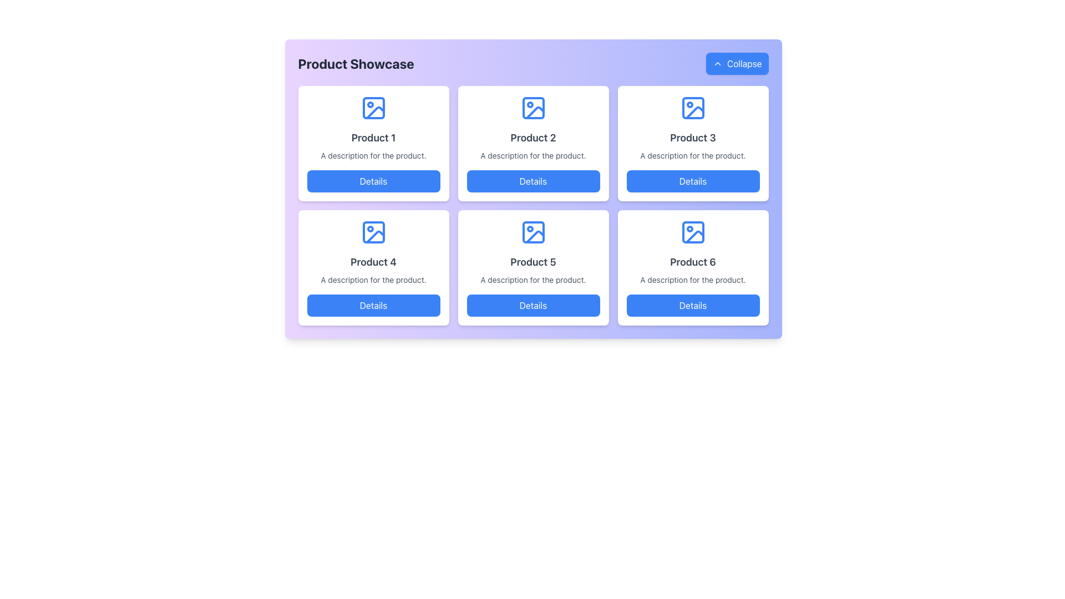 Image resolution: width=1065 pixels, height=599 pixels. Describe the element at coordinates (692, 156) in the screenshot. I see `the text line that reads 'A description for the product.' which is styled with light gray color and small font size, located within the card layout under the title 'Product 3'` at that location.